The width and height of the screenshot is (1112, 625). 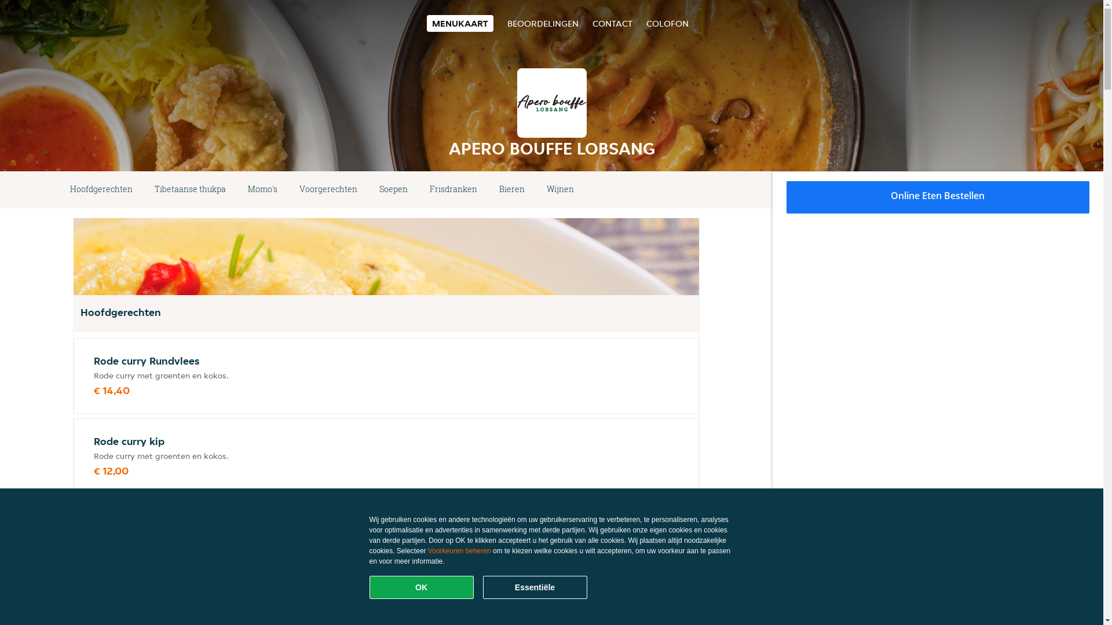 What do you see at coordinates (327, 189) in the screenshot?
I see `'Voorgerechten'` at bounding box center [327, 189].